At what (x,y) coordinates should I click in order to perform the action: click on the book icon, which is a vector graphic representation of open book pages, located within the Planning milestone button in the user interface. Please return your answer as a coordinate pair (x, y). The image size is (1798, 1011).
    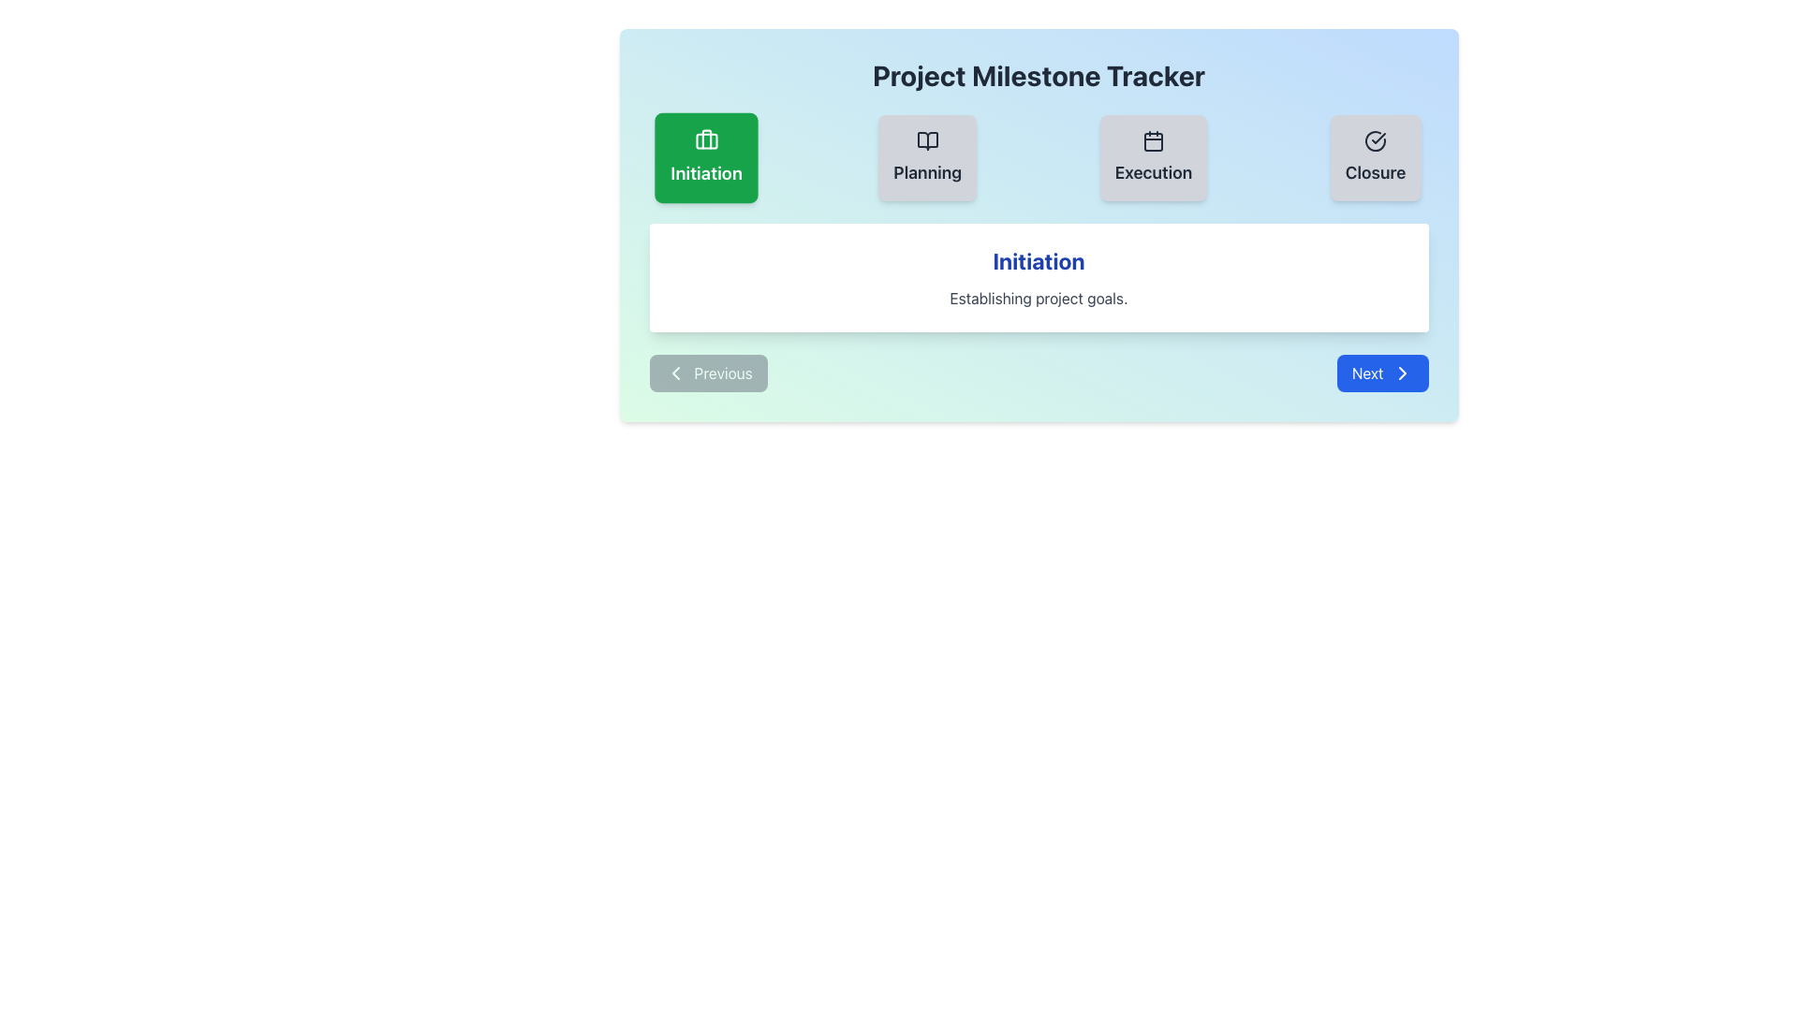
    Looking at the image, I should click on (927, 139).